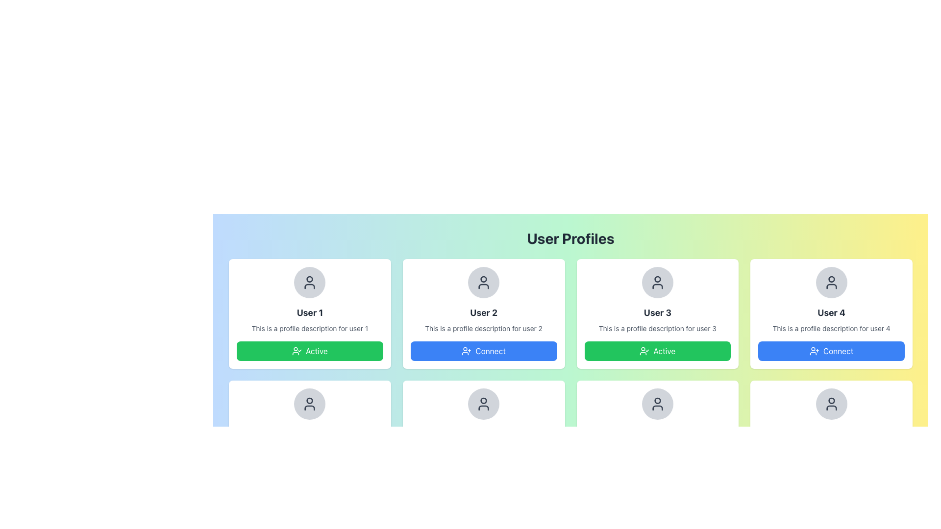 This screenshot has width=941, height=529. Describe the element at coordinates (657, 404) in the screenshot. I see `the User Avatar Placeholder for 'User 7', which visually represents the user profile image and is positioned at the top center of the card` at that location.